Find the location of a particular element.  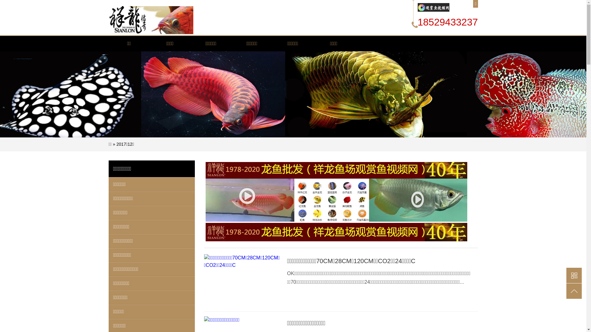

'18529433237' is located at coordinates (448, 22).